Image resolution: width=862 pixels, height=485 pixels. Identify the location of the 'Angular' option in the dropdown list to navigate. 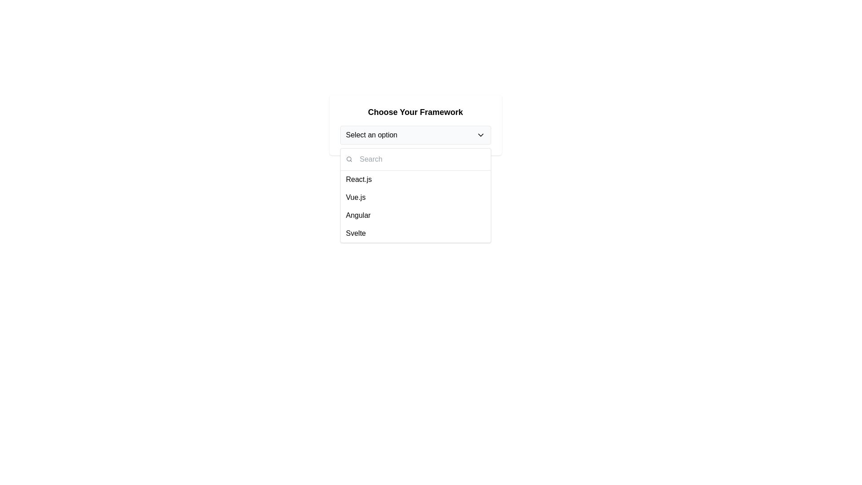
(415, 215).